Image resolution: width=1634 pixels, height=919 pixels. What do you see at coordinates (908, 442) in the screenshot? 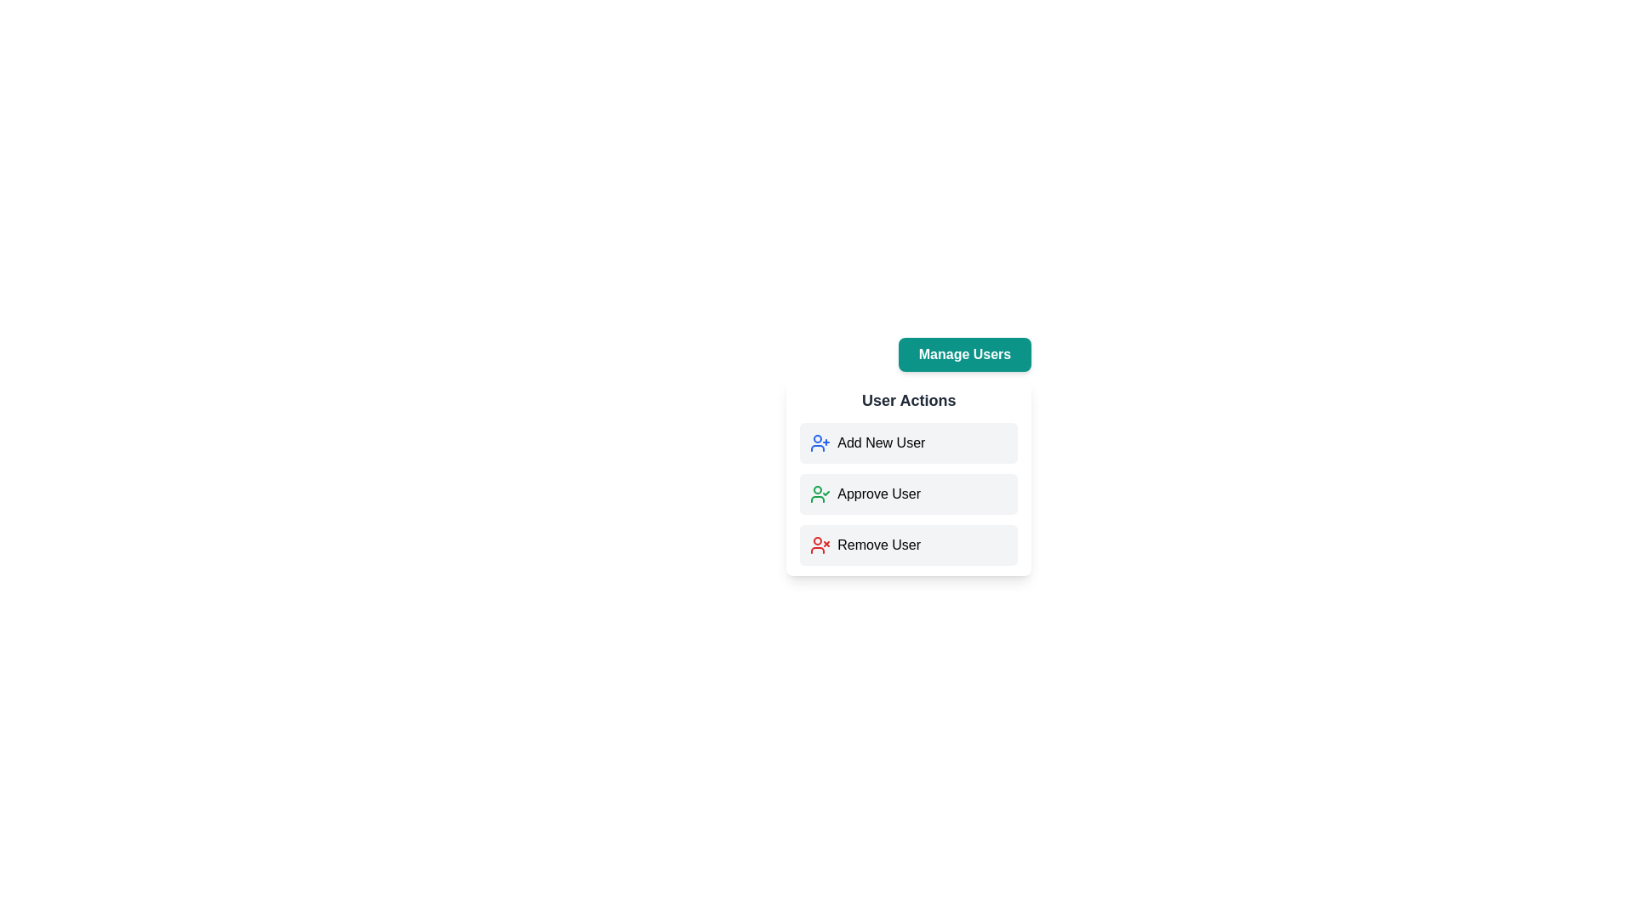
I see `the 'Add New User' button, which is a rectangular UI component with a light gray background, rounded corners, a user icon with a plus sign in blue, and the text 'Add New User' in black font, located at the top of the 'User Actions' list` at bounding box center [908, 442].